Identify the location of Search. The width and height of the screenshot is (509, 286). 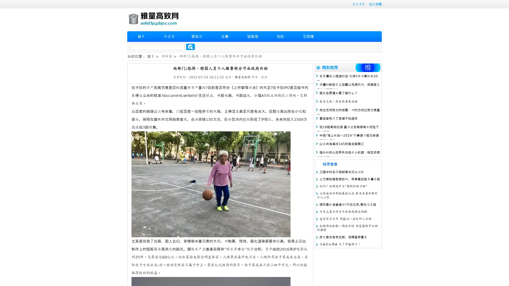
(190, 47).